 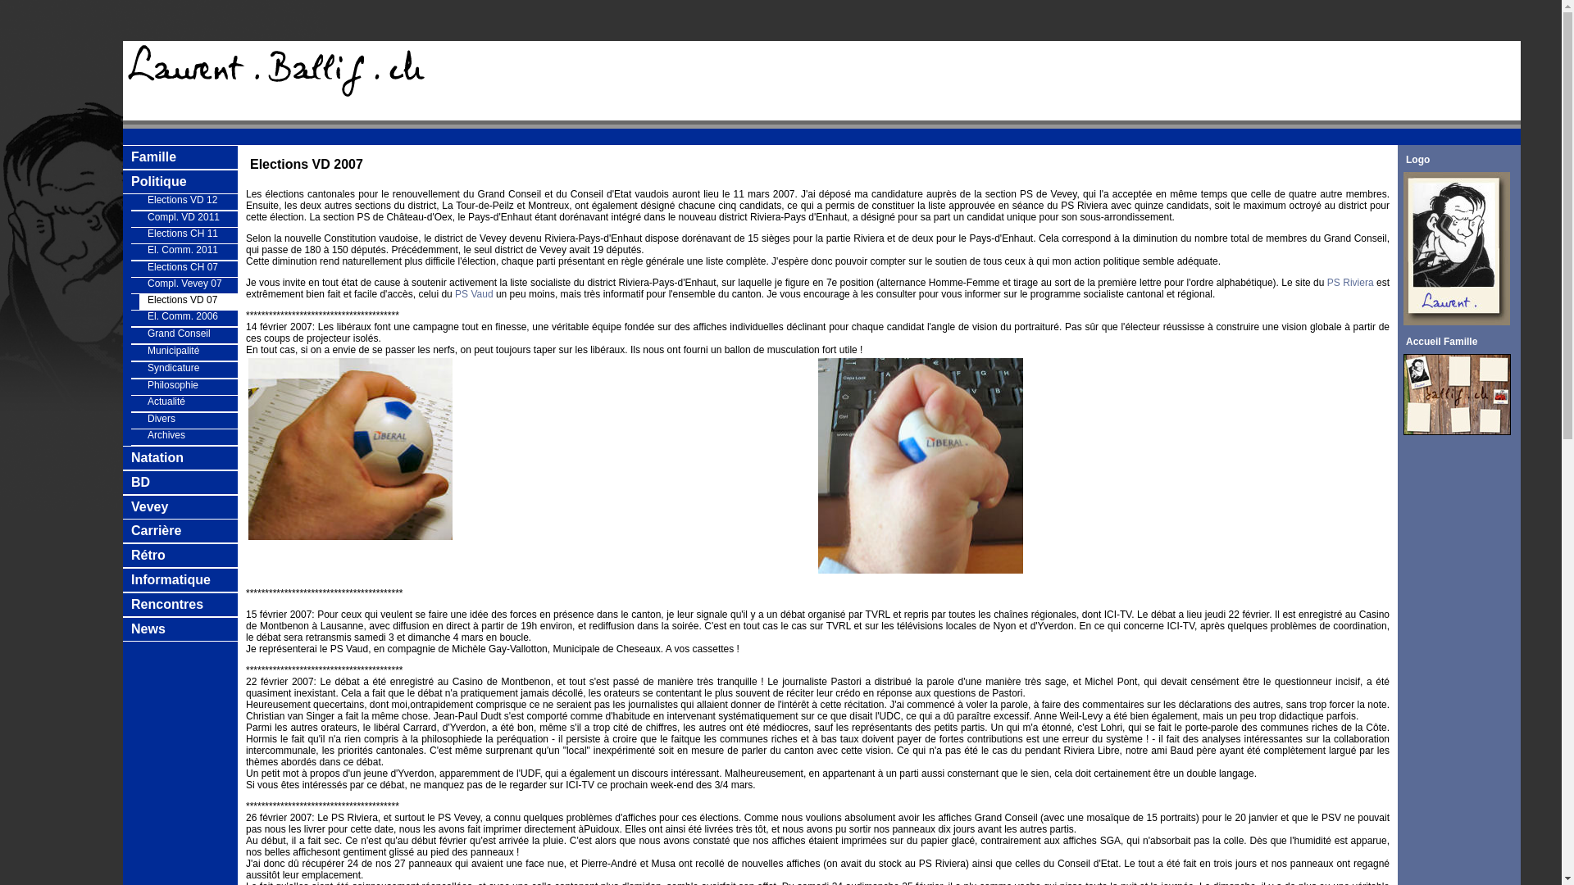 I want to click on 'Rencontres', so click(x=167, y=604).